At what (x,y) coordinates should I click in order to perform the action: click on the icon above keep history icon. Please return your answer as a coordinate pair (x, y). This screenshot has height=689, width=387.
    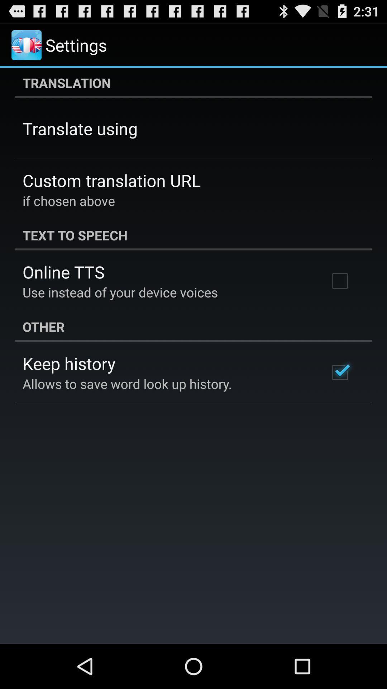
    Looking at the image, I should click on (193, 326).